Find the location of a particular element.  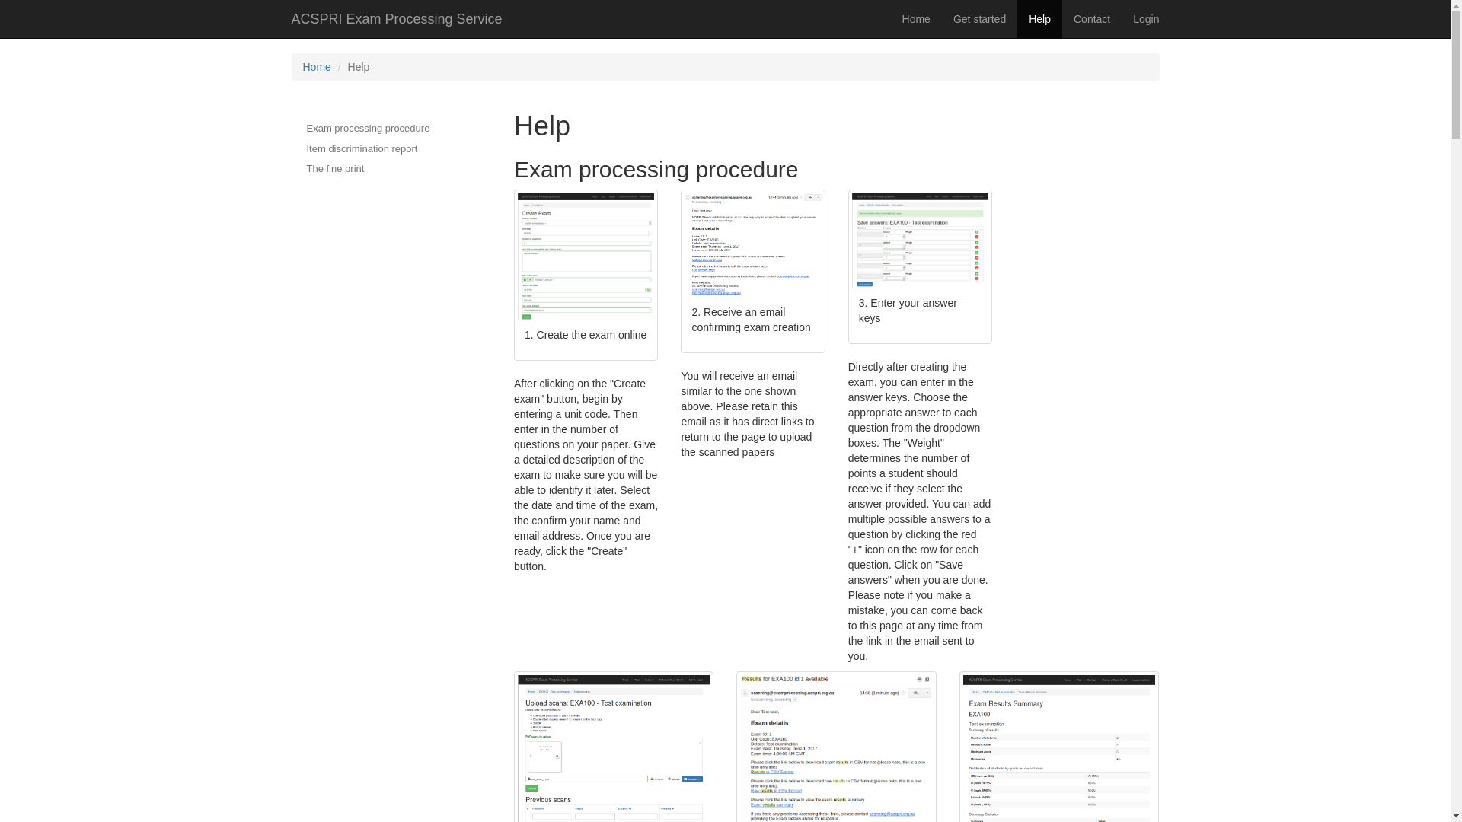

'Get started' is located at coordinates (979, 18).